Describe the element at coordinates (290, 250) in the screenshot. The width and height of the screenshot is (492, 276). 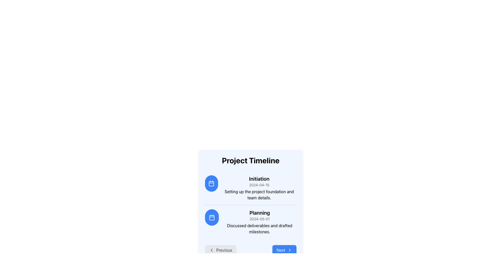
I see `the small triangular-shaped indicator icon, styled as an arrow pointing to the right, positioned centrally in height next to the 'Next' button for directional guidance` at that location.